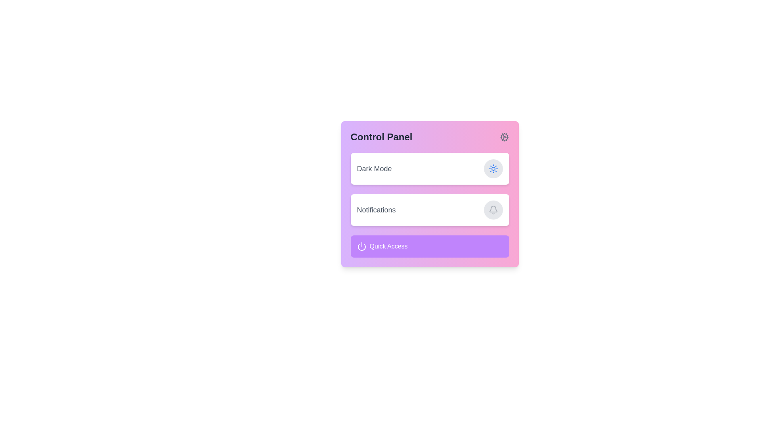  Describe the element at coordinates (504, 137) in the screenshot. I see `the filled circular decorative component of the cogwheel icon located in the top-right corner of the Control Panel card` at that location.